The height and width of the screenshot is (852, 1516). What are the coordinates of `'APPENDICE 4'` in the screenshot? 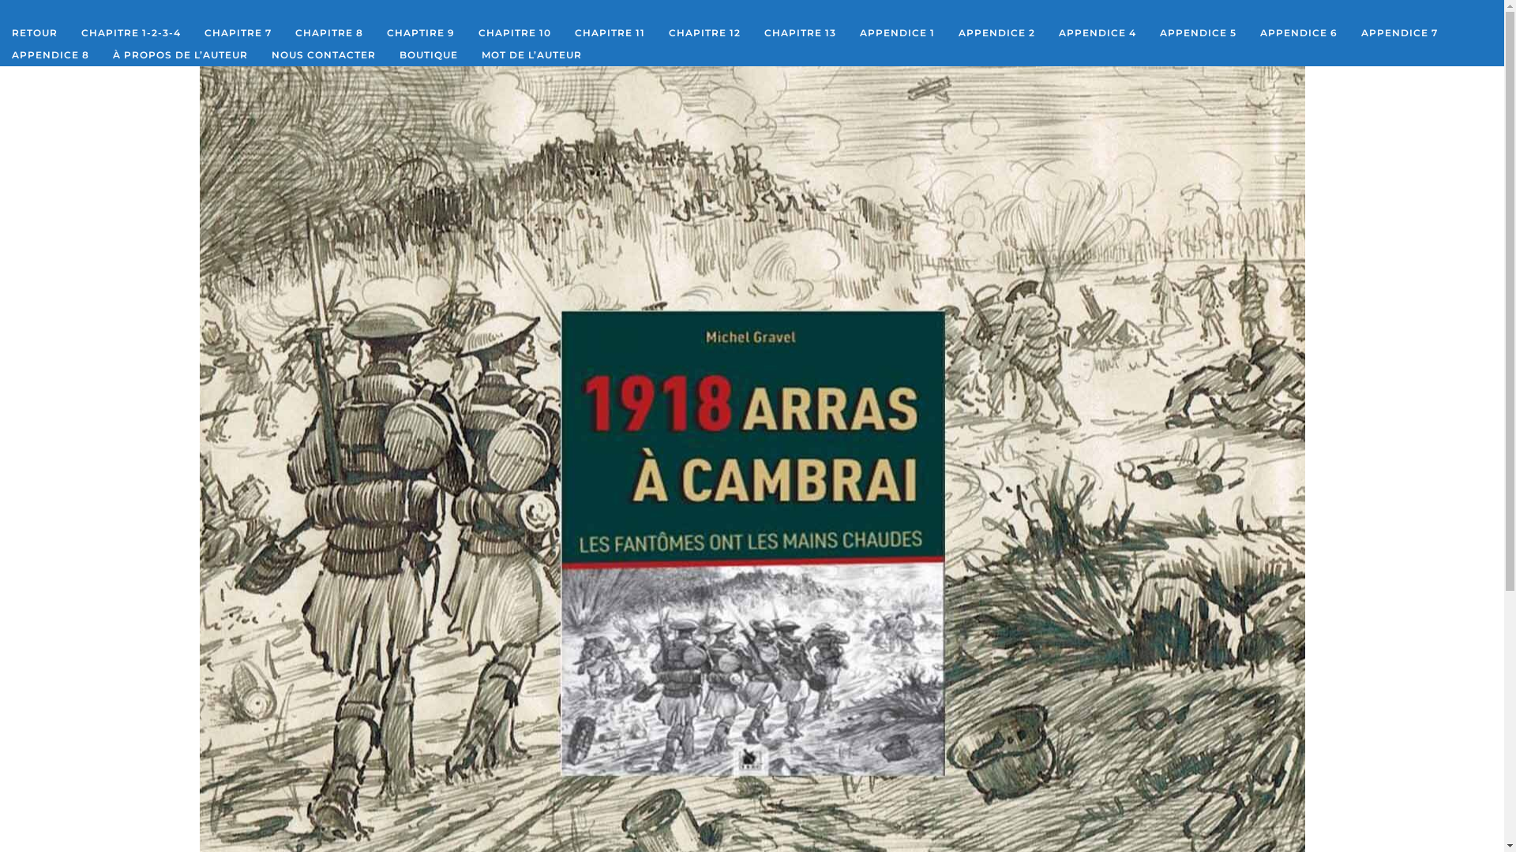 It's located at (1046, 33).